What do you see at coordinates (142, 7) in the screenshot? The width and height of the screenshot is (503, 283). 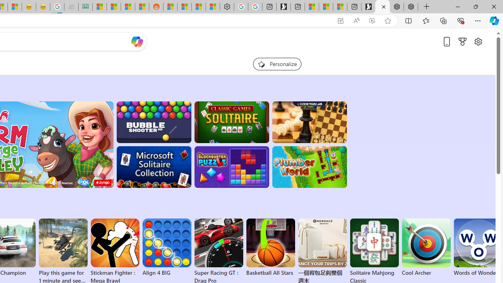 I see `'MSN'` at bounding box center [142, 7].